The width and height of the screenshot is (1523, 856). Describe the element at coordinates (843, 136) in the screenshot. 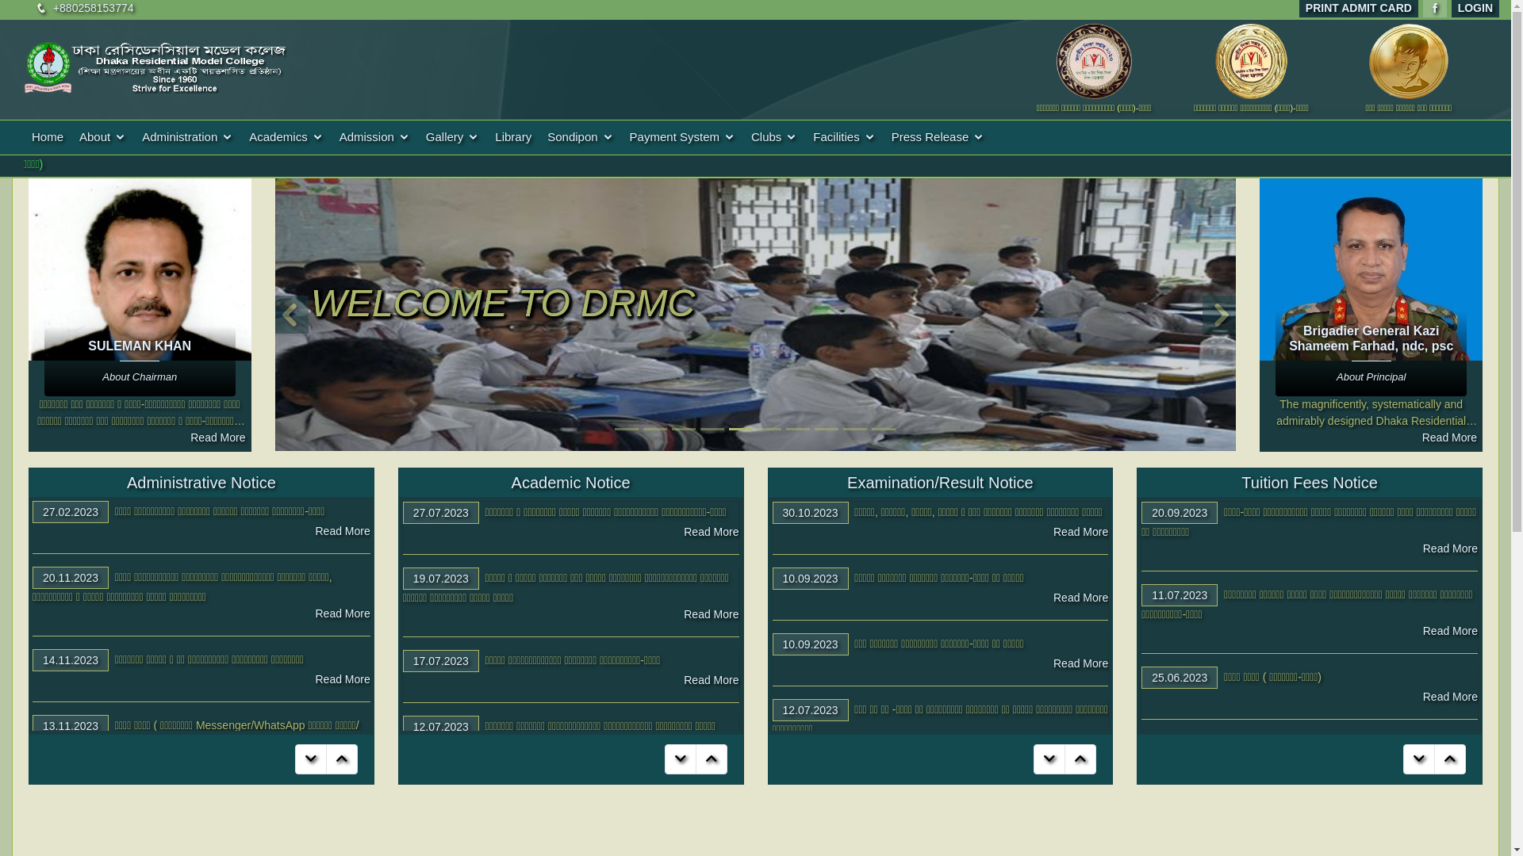

I see `'Facilities'` at that location.